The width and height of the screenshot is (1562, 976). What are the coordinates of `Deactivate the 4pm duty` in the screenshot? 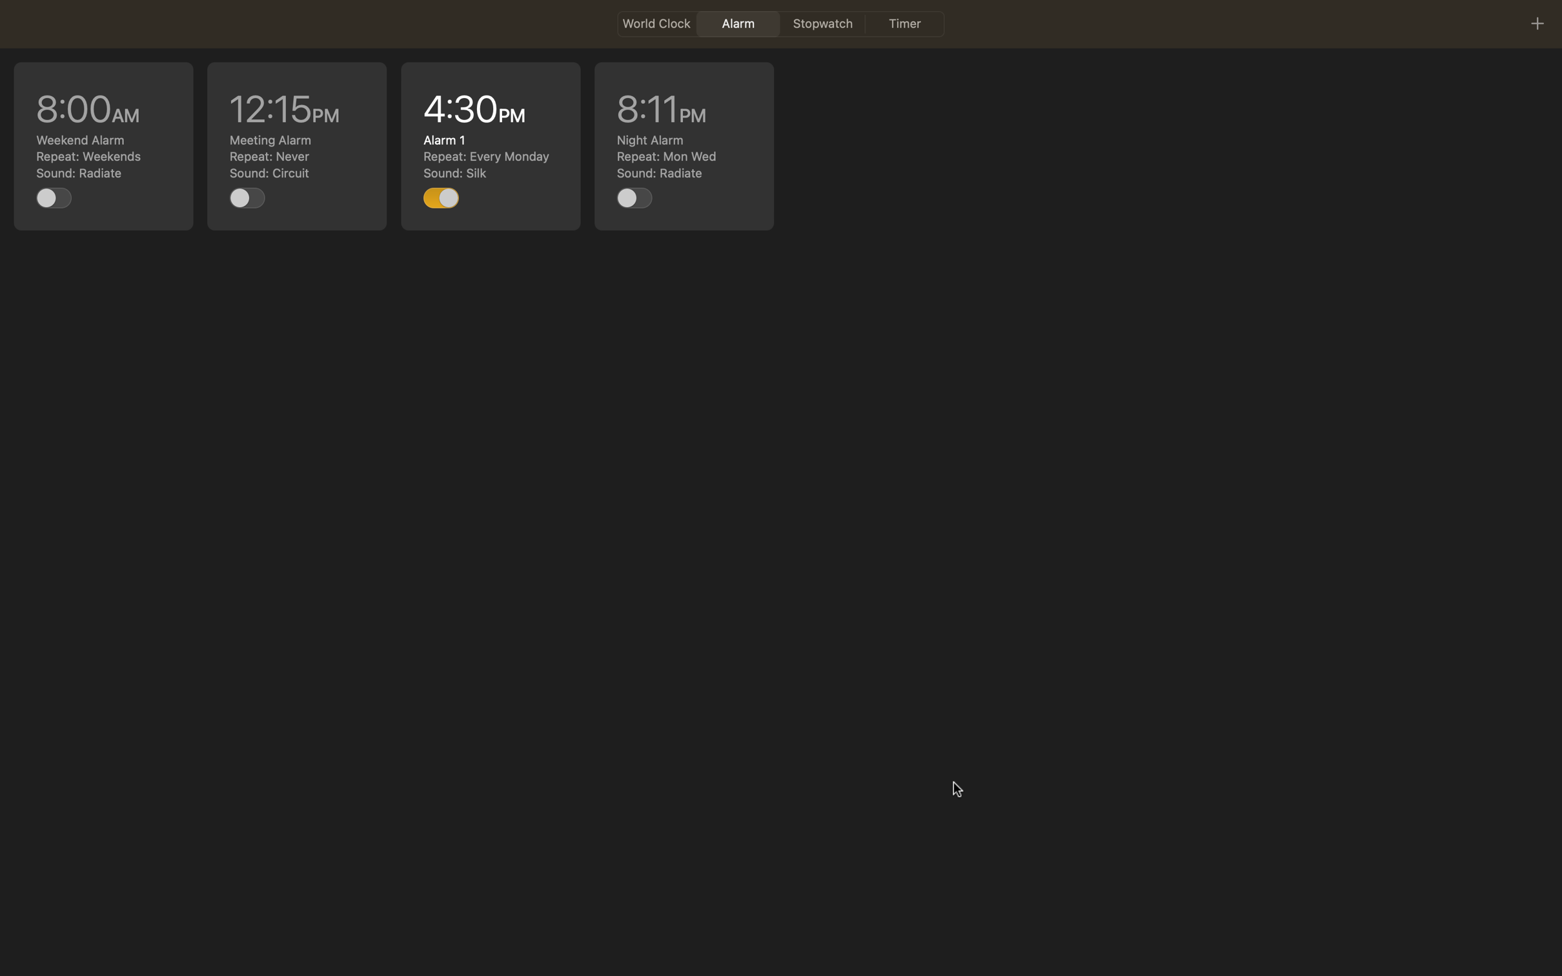 It's located at (441, 196).